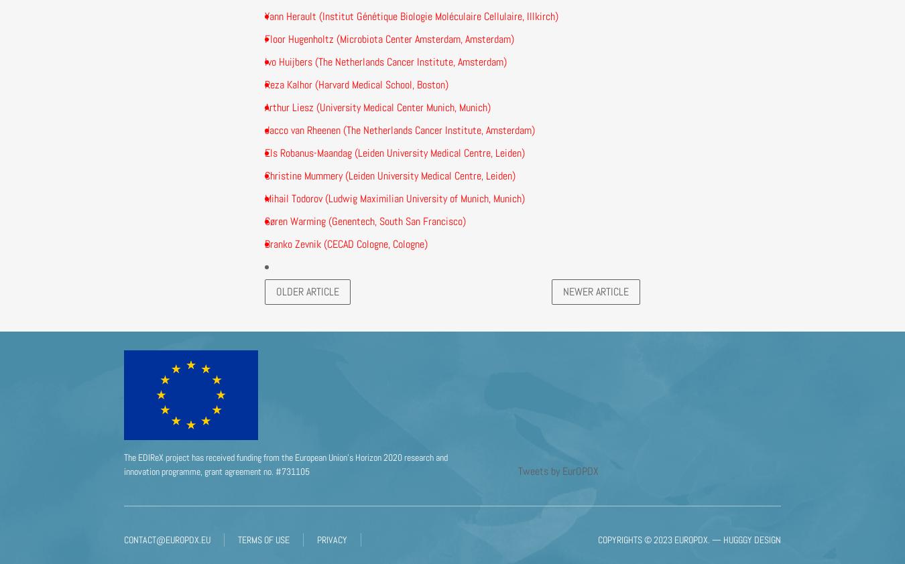 This screenshot has width=905, height=564. Describe the element at coordinates (345, 243) in the screenshot. I see `'Branko Zevnik (CECAD Cologne, Cologne)'` at that location.